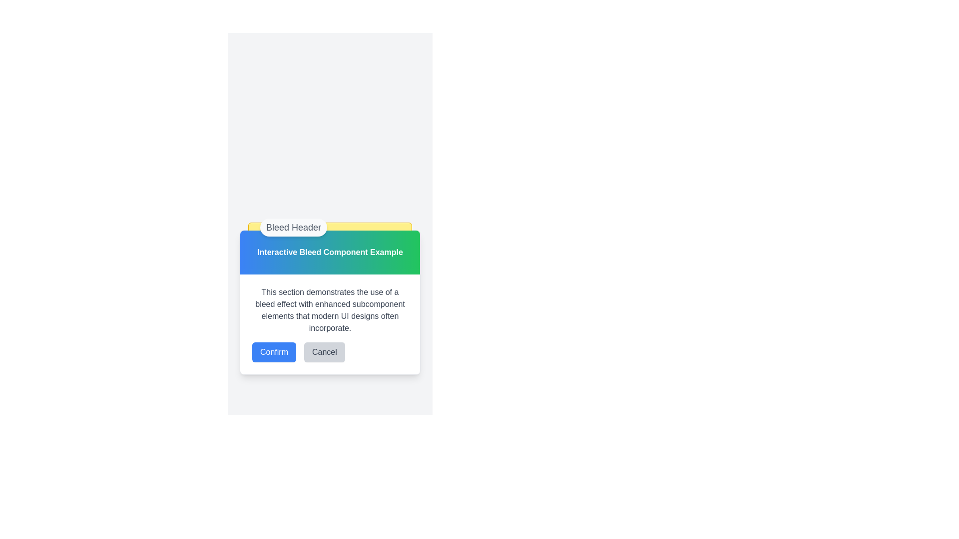  Describe the element at coordinates (330, 351) in the screenshot. I see `the 'Cancel' button located in the button group at the bottom of the section box` at that location.